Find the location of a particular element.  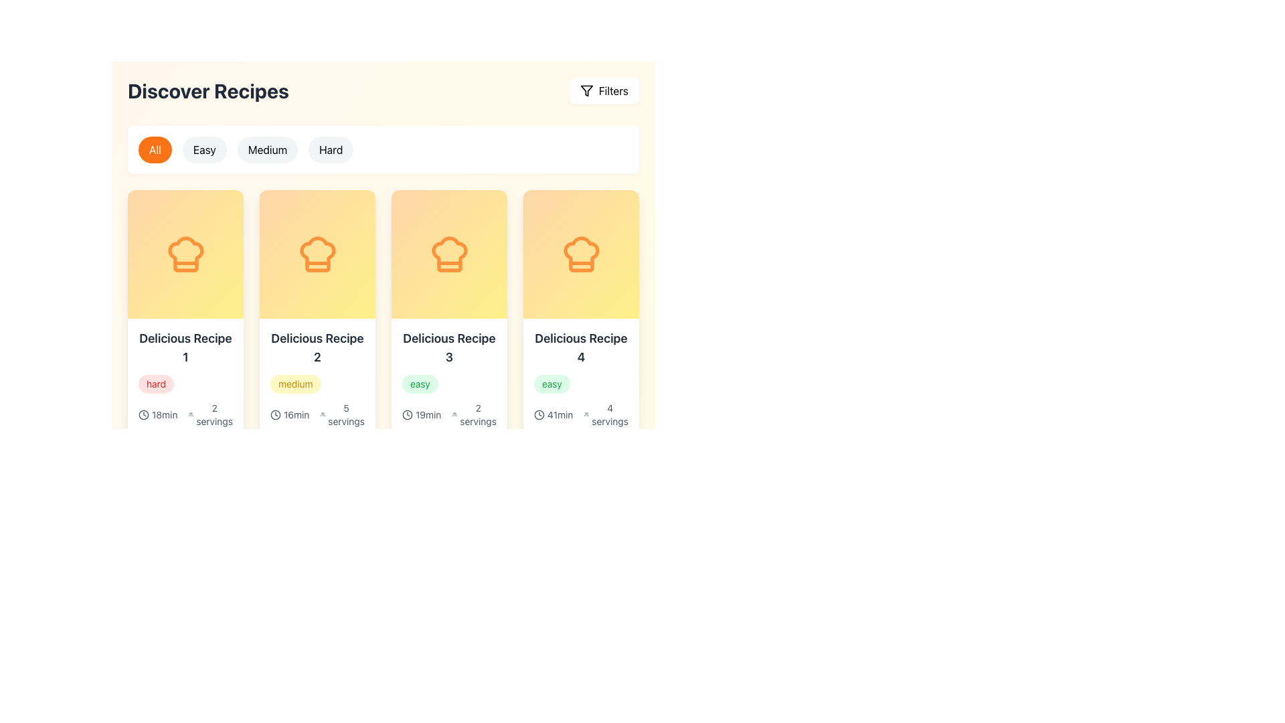

the fourth button in the horizontal row of filter options is located at coordinates (331, 149).